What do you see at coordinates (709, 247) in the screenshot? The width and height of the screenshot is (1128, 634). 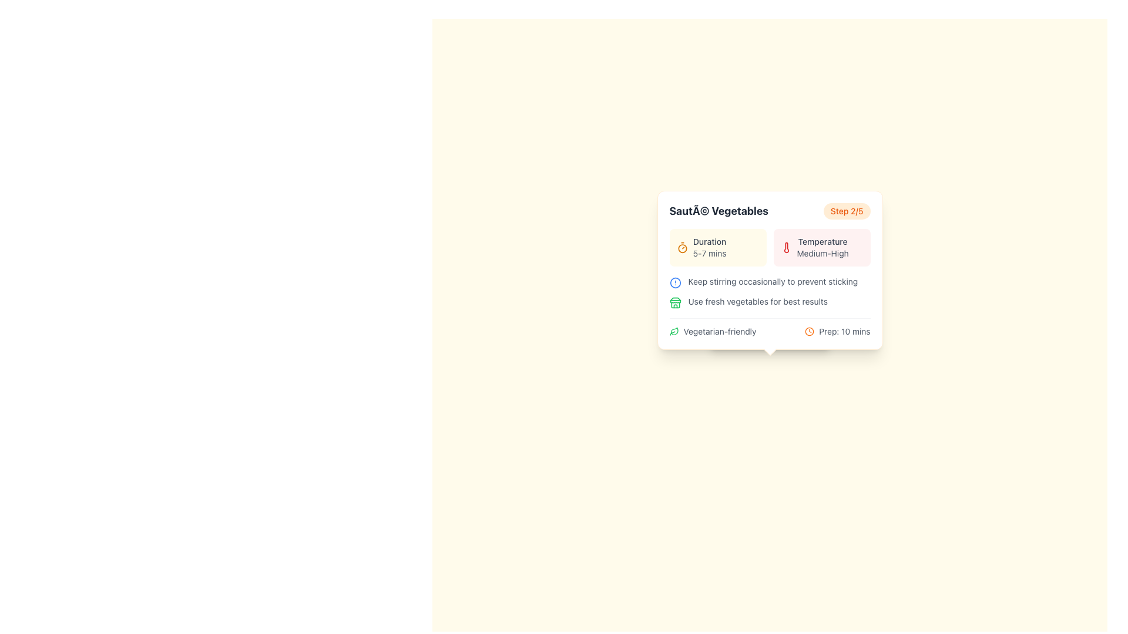 I see `the textual content display element in the 'Sauté Vegetables' card that shows the duration of the step, located in the first column and adjacent to the orange timer icon` at bounding box center [709, 247].